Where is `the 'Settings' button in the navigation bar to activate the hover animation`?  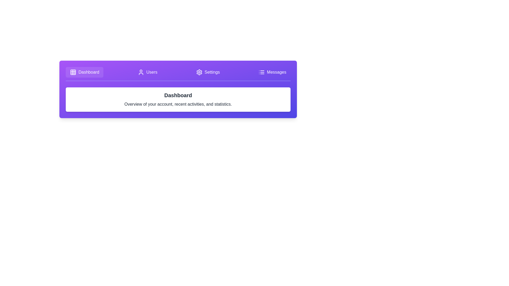 the 'Settings' button in the navigation bar to activate the hover animation is located at coordinates (208, 72).